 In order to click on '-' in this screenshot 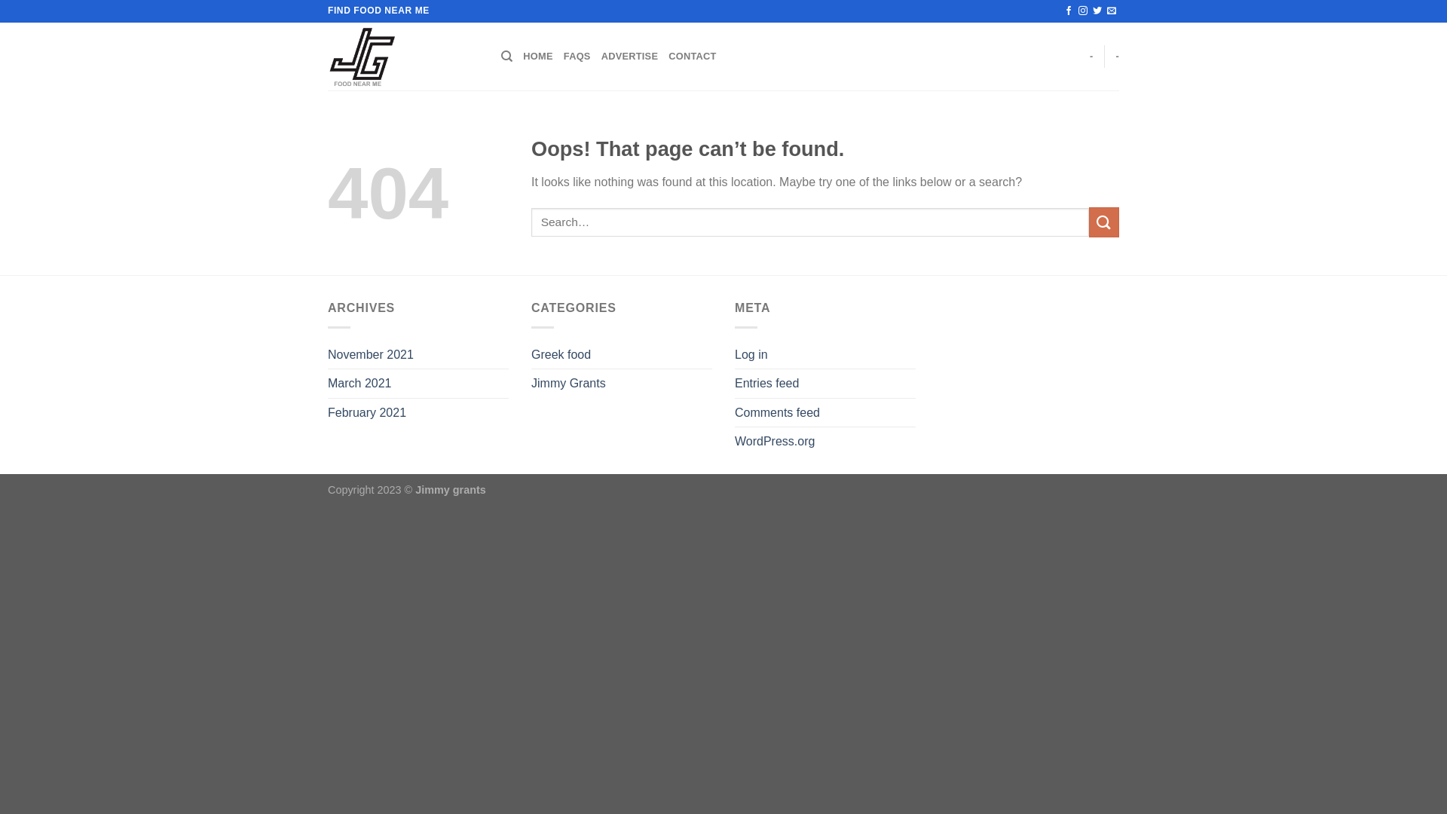, I will do `click(1117, 55)`.